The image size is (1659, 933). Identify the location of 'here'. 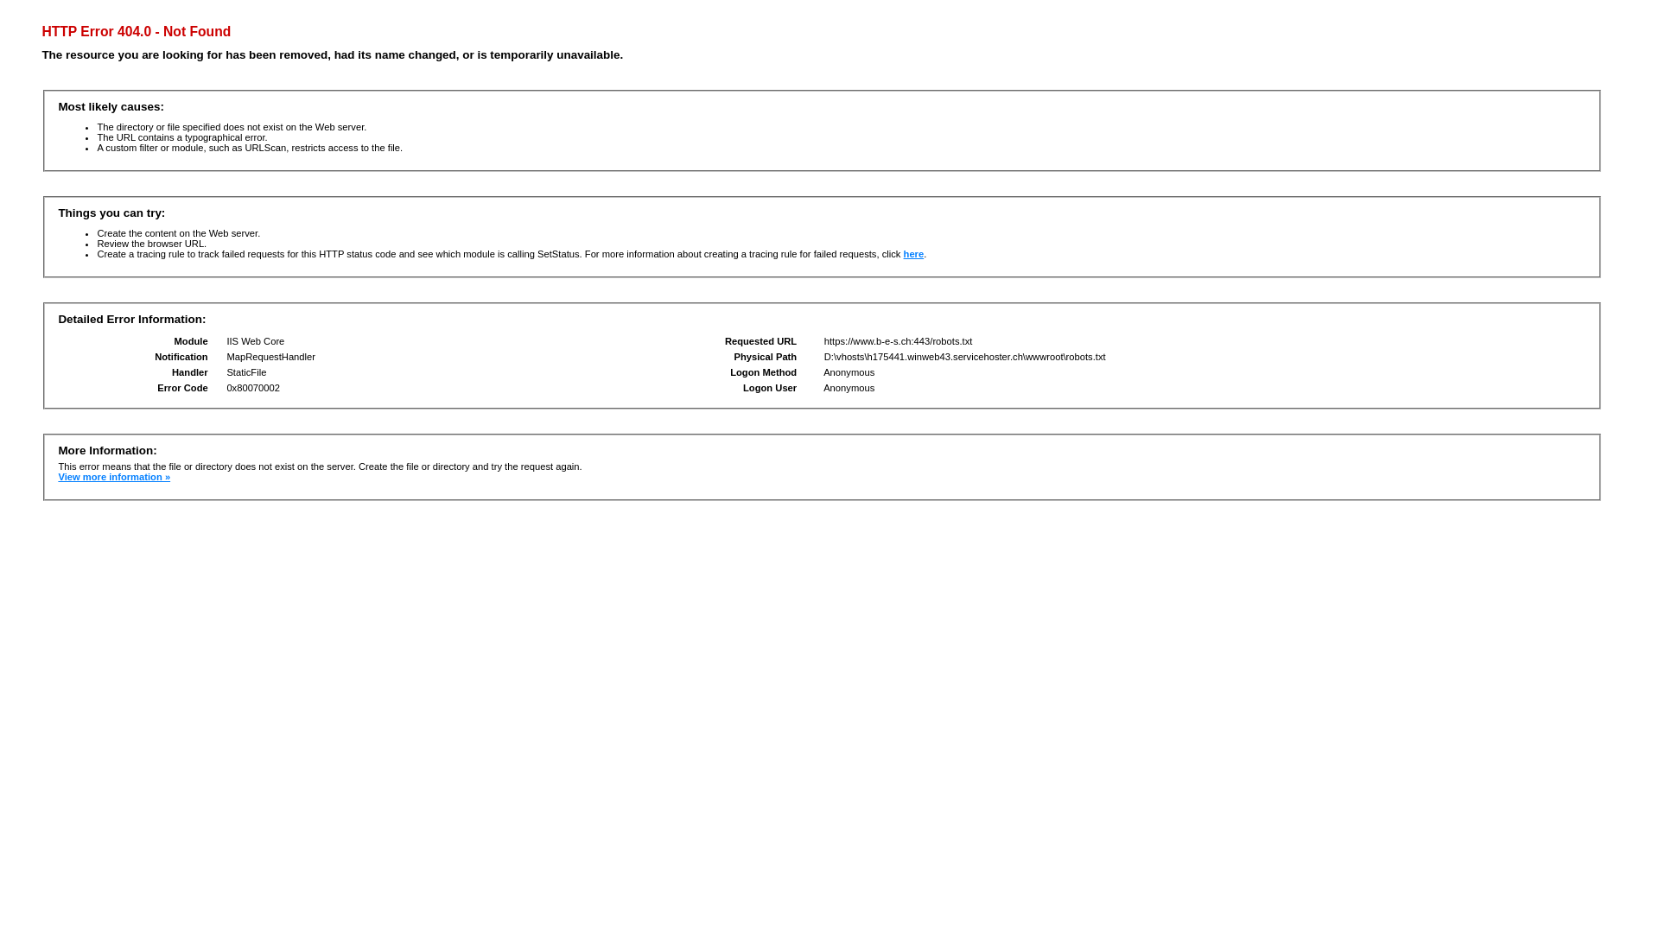
(912, 253).